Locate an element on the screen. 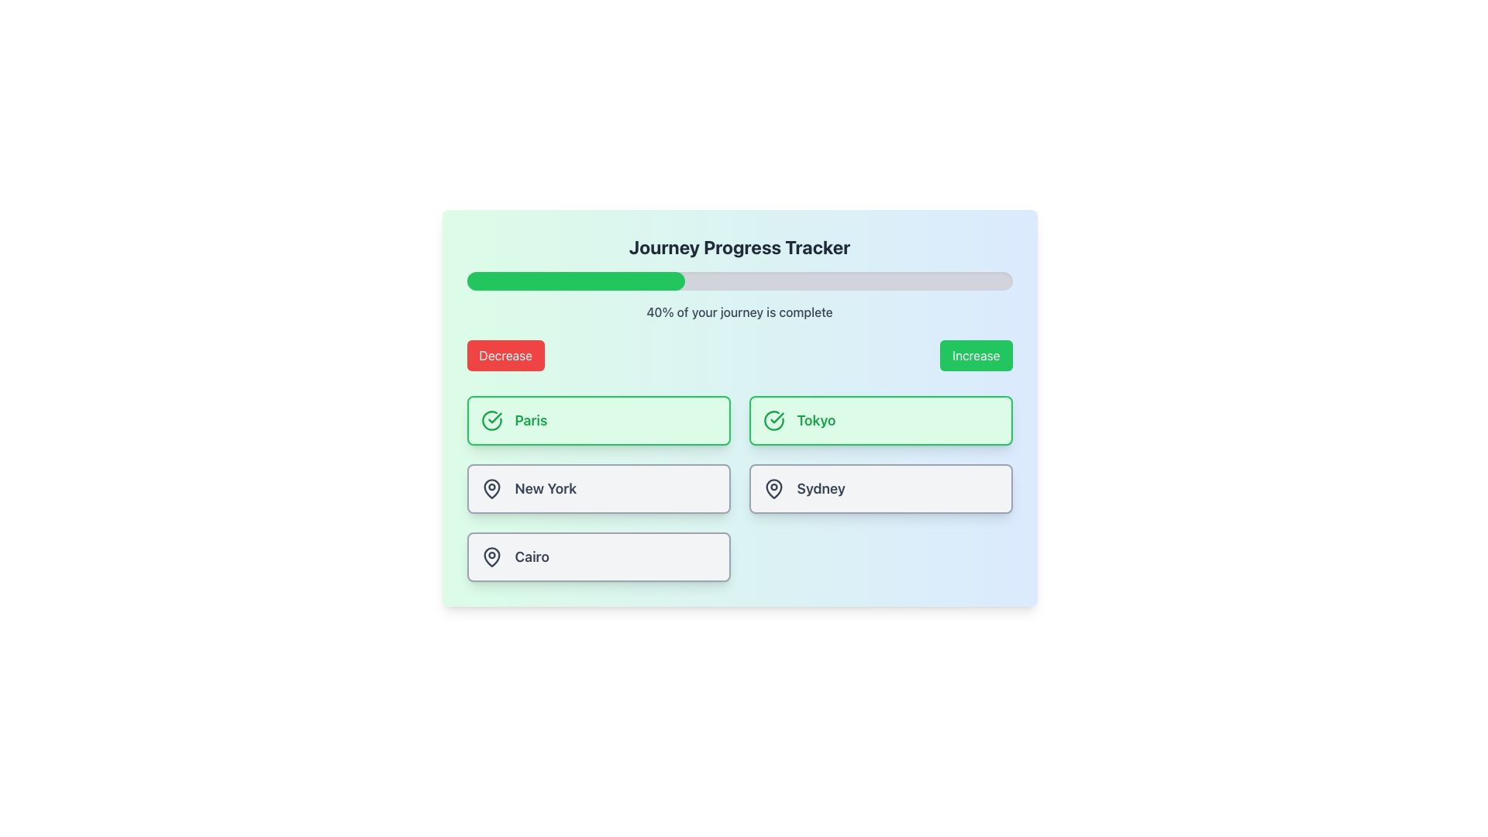  the header text that serves as the title for the section, providing context for the component below it is located at coordinates (739, 246).